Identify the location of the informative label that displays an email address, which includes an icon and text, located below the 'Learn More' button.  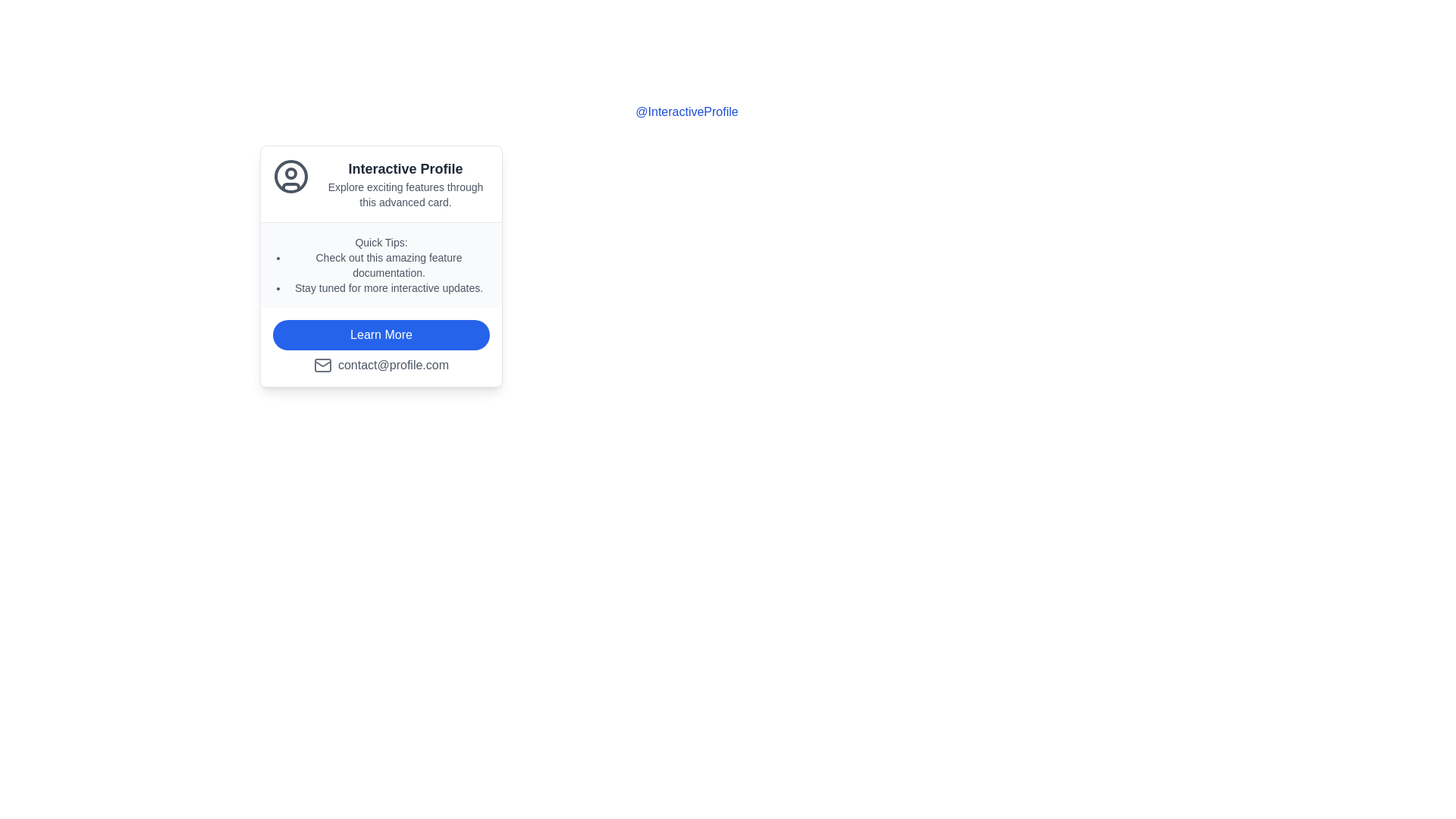
(381, 366).